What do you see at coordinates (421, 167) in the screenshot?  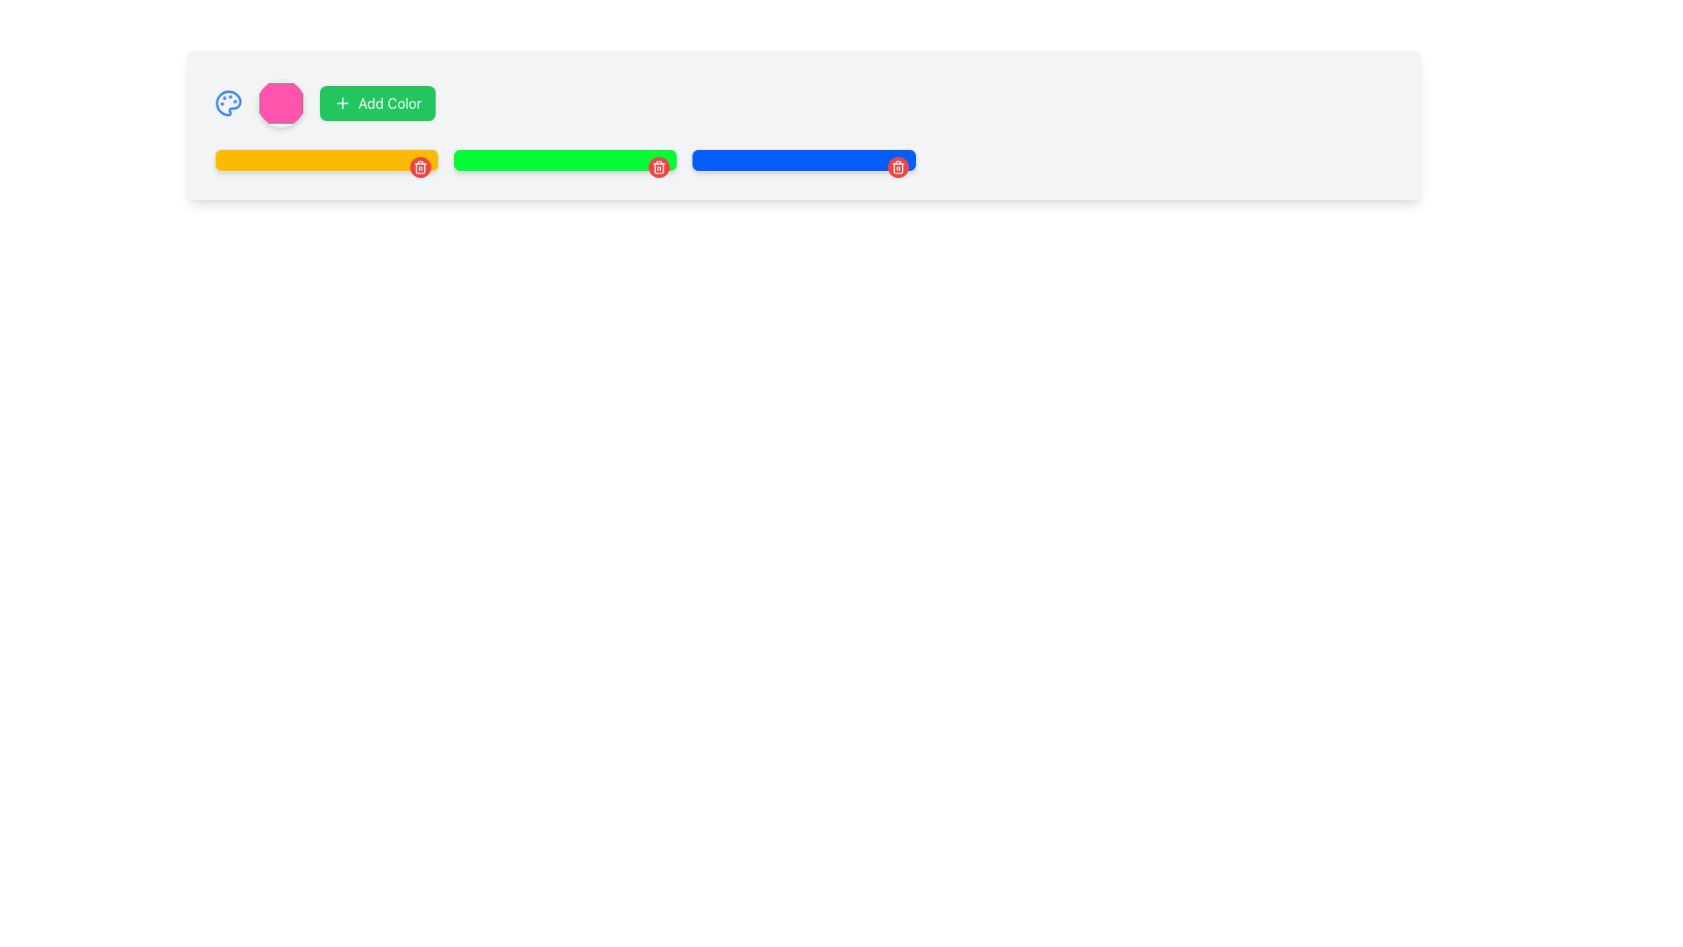 I see `the delete button (red circular button) located on the right end of the yellow strip` at bounding box center [421, 167].